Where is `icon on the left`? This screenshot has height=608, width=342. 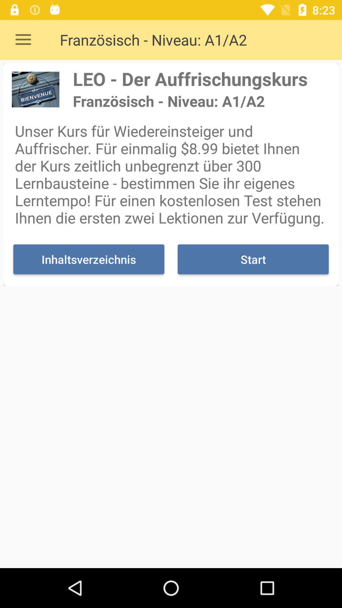 icon on the left is located at coordinates (89, 259).